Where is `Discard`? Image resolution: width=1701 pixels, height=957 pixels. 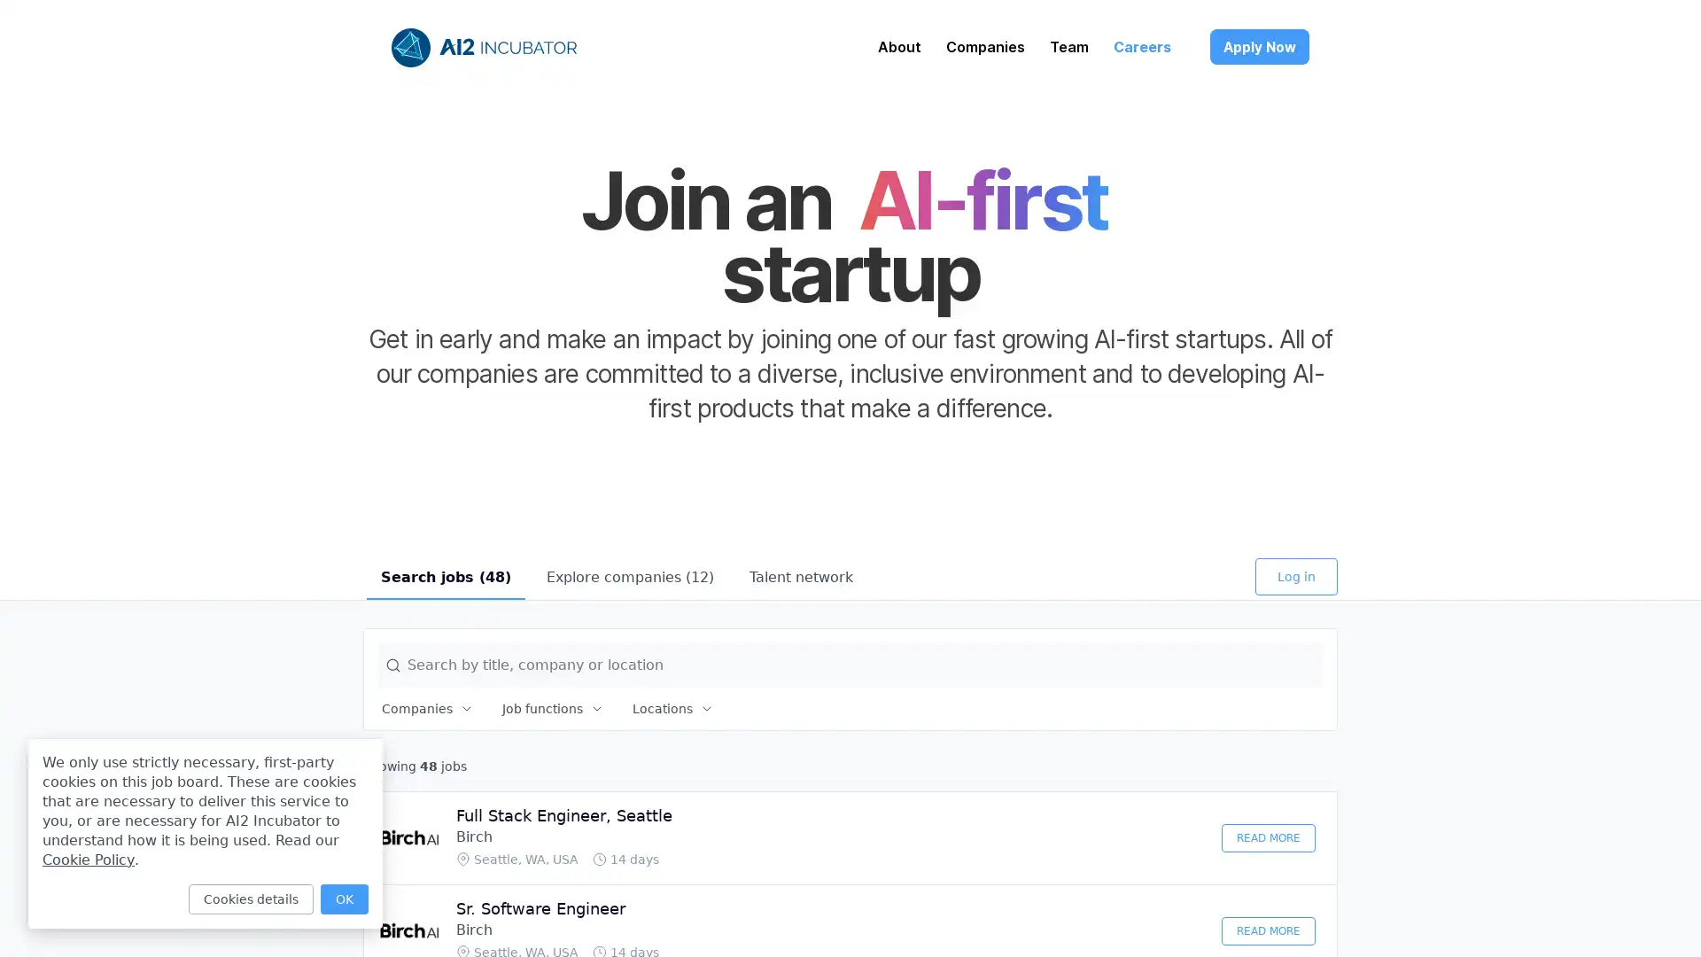 Discard is located at coordinates (1169, 837).